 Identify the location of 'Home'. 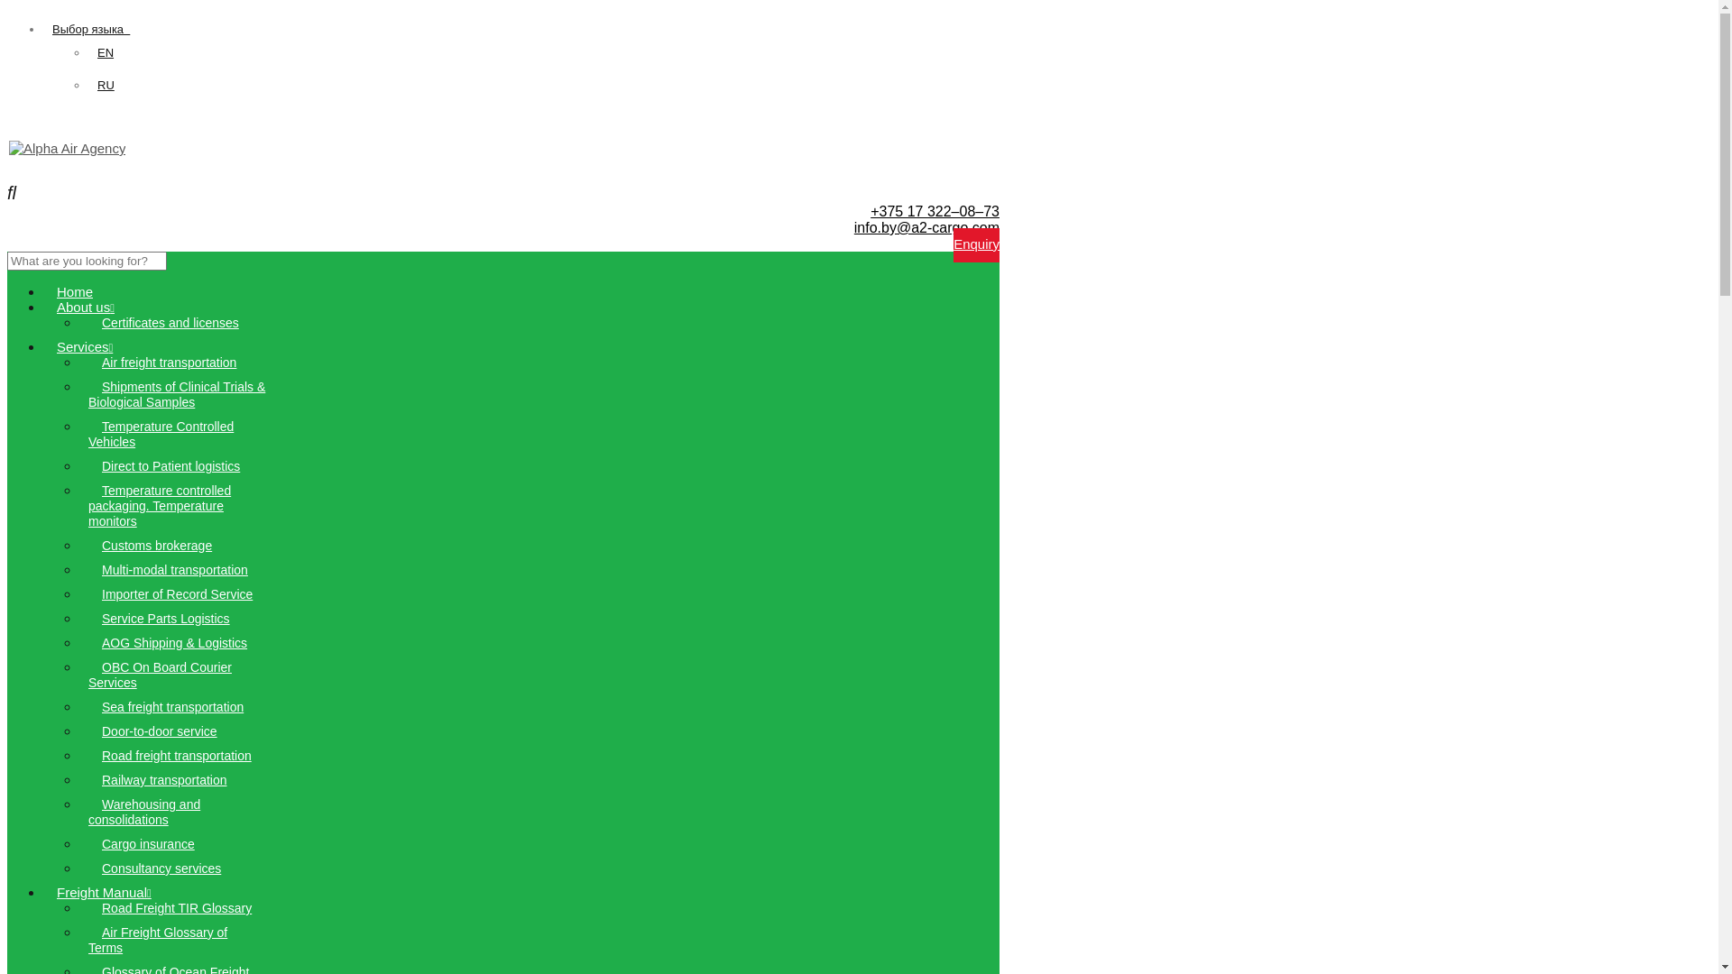
(73, 290).